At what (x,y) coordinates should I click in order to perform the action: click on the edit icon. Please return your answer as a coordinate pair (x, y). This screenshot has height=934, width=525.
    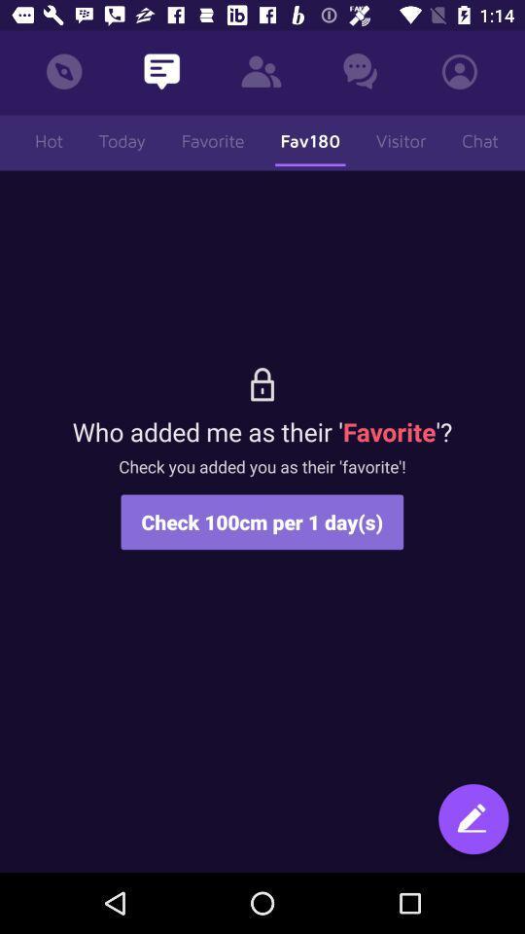
    Looking at the image, I should click on (472, 820).